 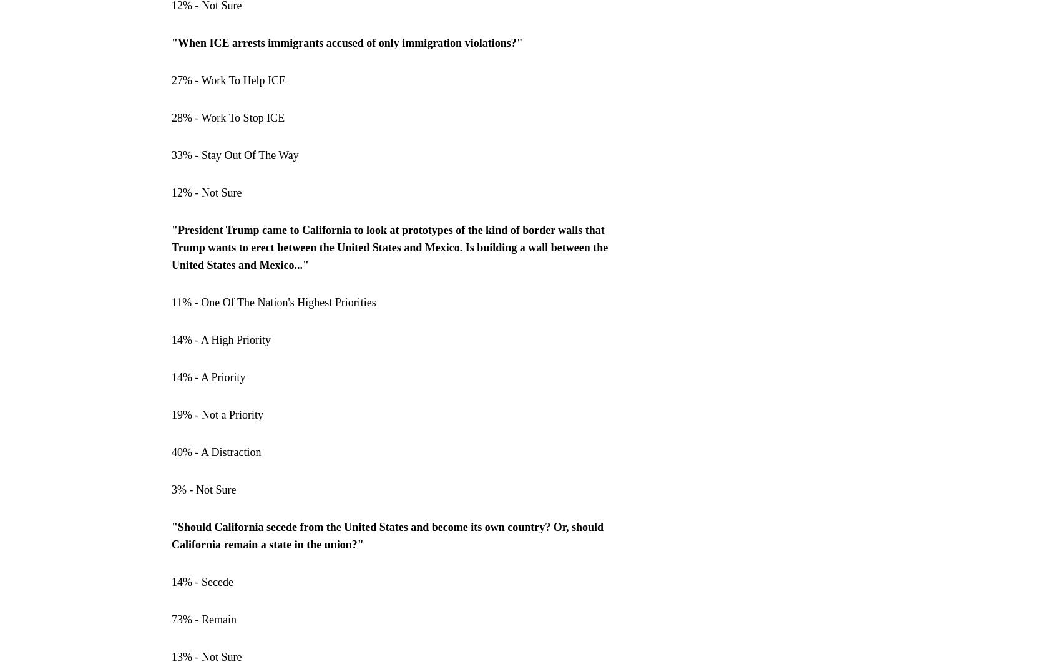 What do you see at coordinates (203, 490) in the screenshot?
I see `'3%	- Not Sure'` at bounding box center [203, 490].